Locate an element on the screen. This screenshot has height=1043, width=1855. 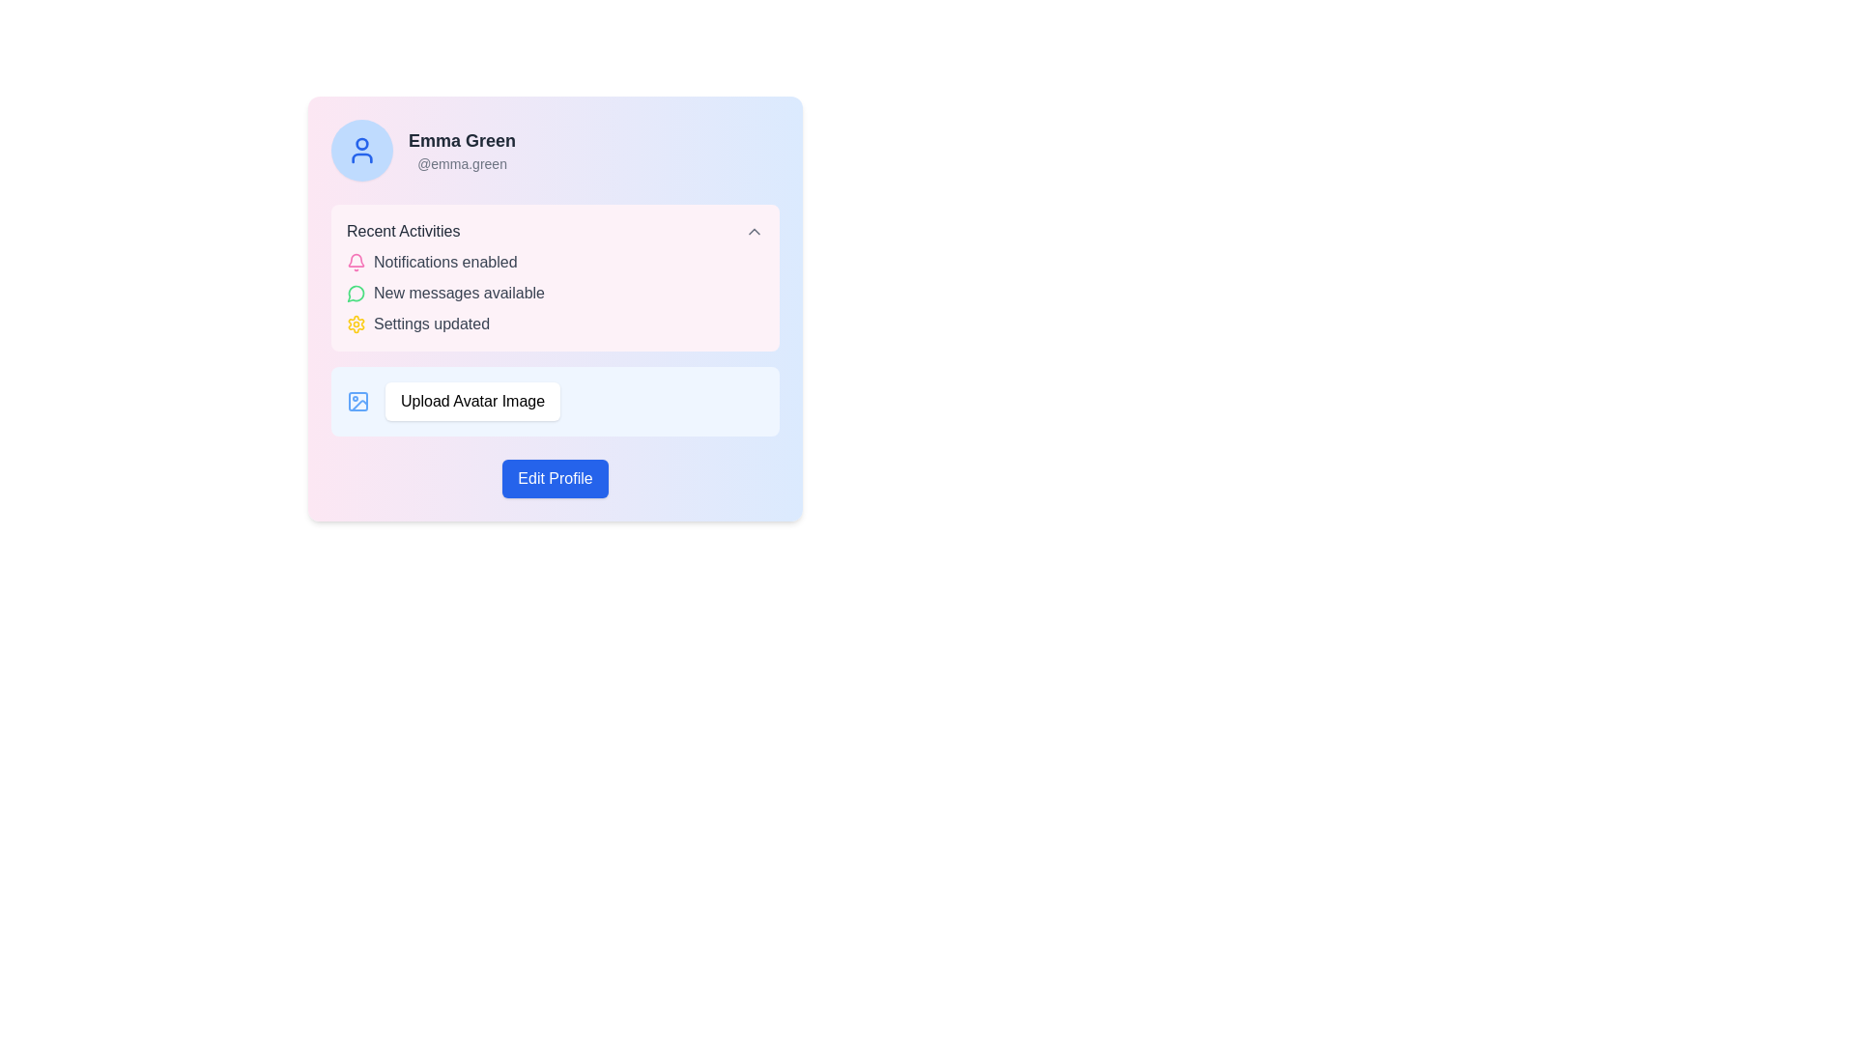
the informative text label indicating that notifications are enabled, located inside the 'Recent Activities' section, positioned to the right of the pink bell icon is located at coordinates (444, 263).